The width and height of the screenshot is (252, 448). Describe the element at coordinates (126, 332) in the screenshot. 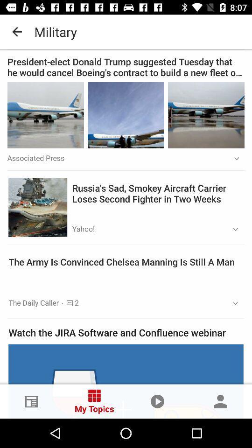

I see `watch the jira app` at that location.